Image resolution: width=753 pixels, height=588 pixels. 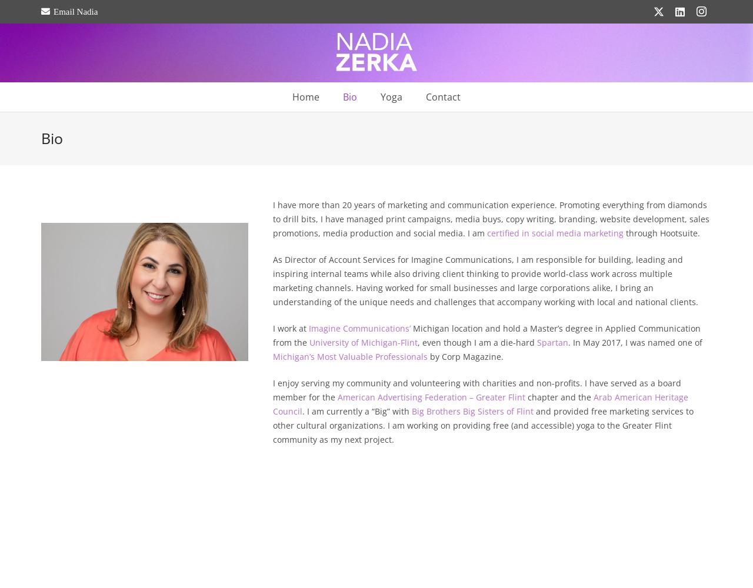 I want to click on 'I enjoy serving my community and volunteering with charities and non-profits. I have served as a board member for the', so click(x=271, y=390).